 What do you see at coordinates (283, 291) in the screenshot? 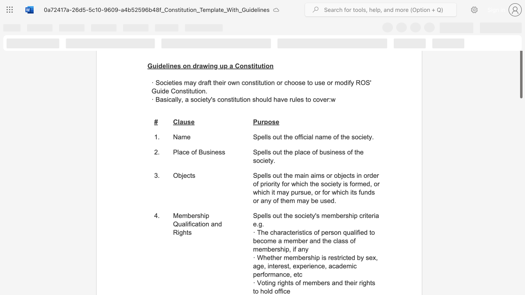
I see `the subset text "ce" within the text "· Voting rights of members and their rights to hold office"` at bounding box center [283, 291].